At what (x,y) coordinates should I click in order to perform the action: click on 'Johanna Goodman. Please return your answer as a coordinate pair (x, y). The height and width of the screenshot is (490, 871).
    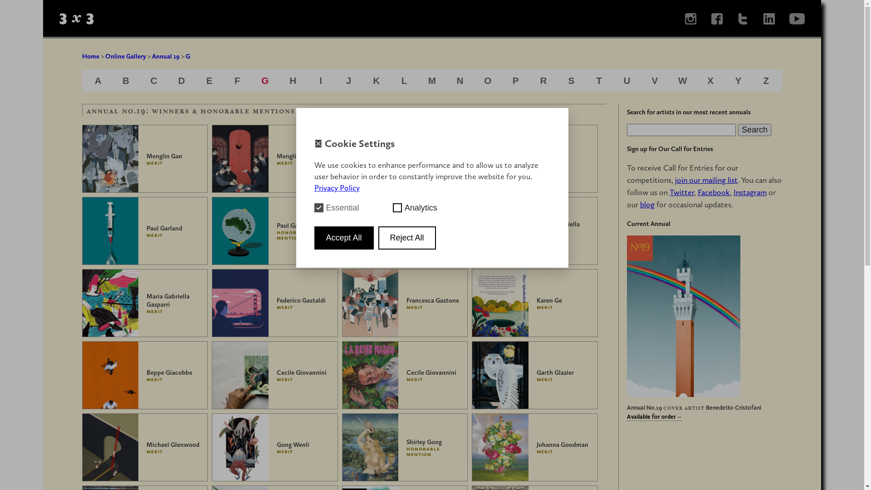
    Looking at the image, I should click on (535, 447).